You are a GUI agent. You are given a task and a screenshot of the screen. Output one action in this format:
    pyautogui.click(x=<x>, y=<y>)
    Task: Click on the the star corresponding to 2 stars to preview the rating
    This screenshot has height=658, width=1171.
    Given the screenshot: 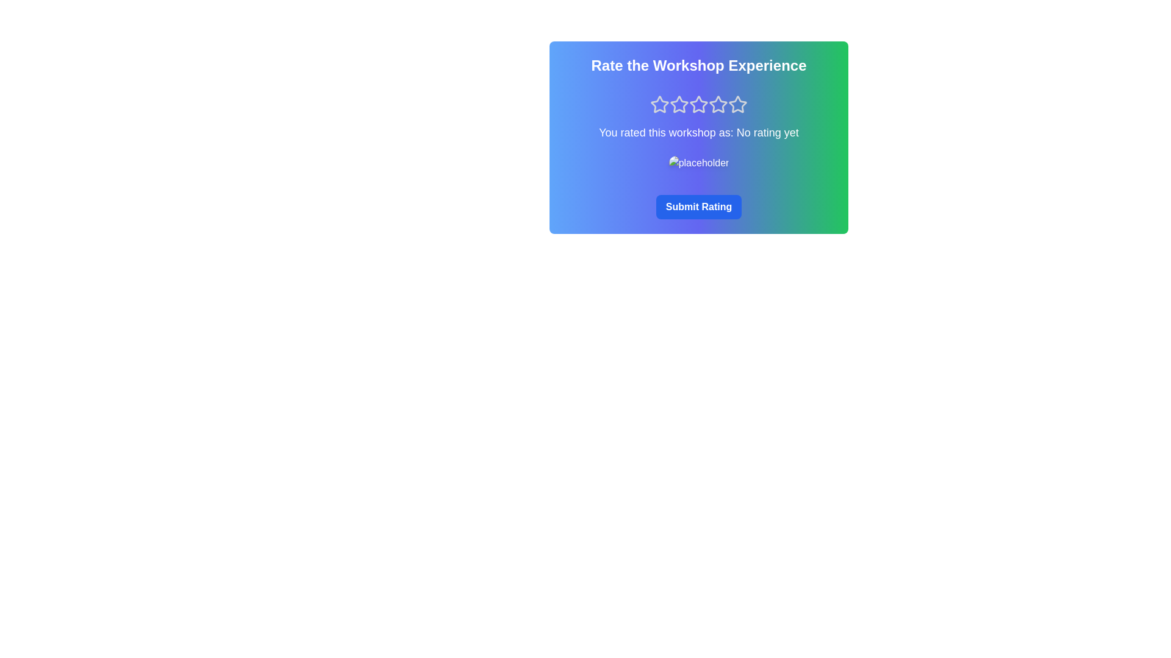 What is the action you would take?
    pyautogui.click(x=678, y=104)
    